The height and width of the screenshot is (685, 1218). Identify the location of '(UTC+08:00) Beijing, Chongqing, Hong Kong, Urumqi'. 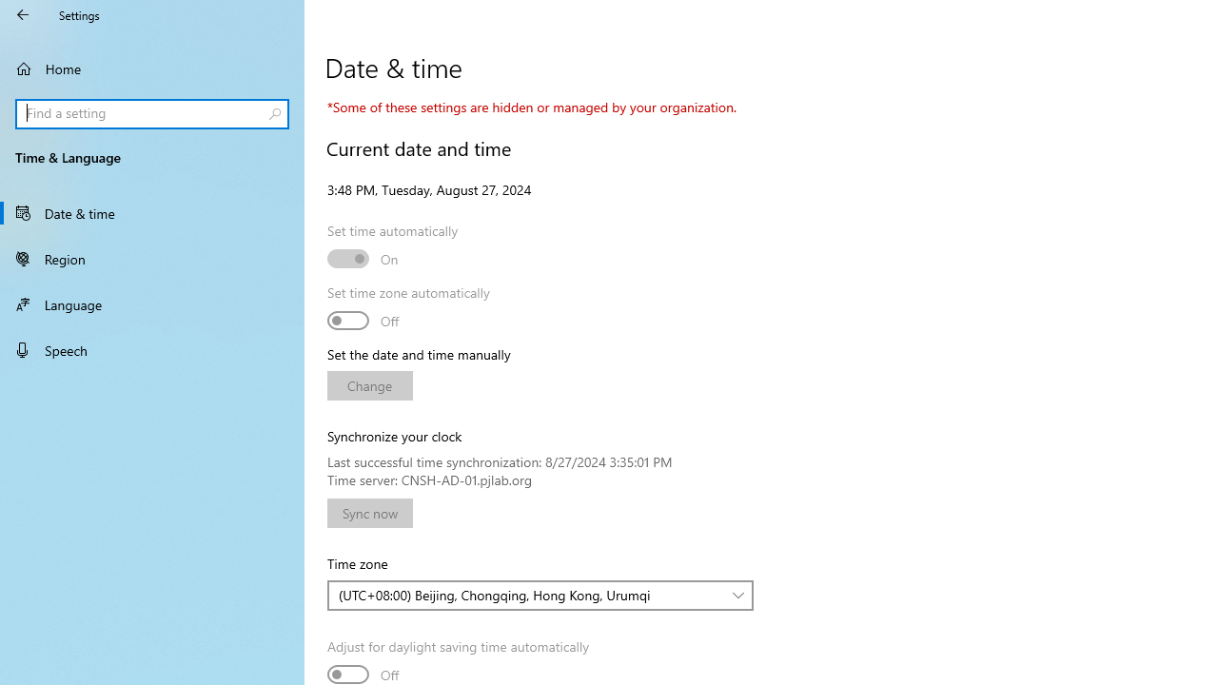
(531, 594).